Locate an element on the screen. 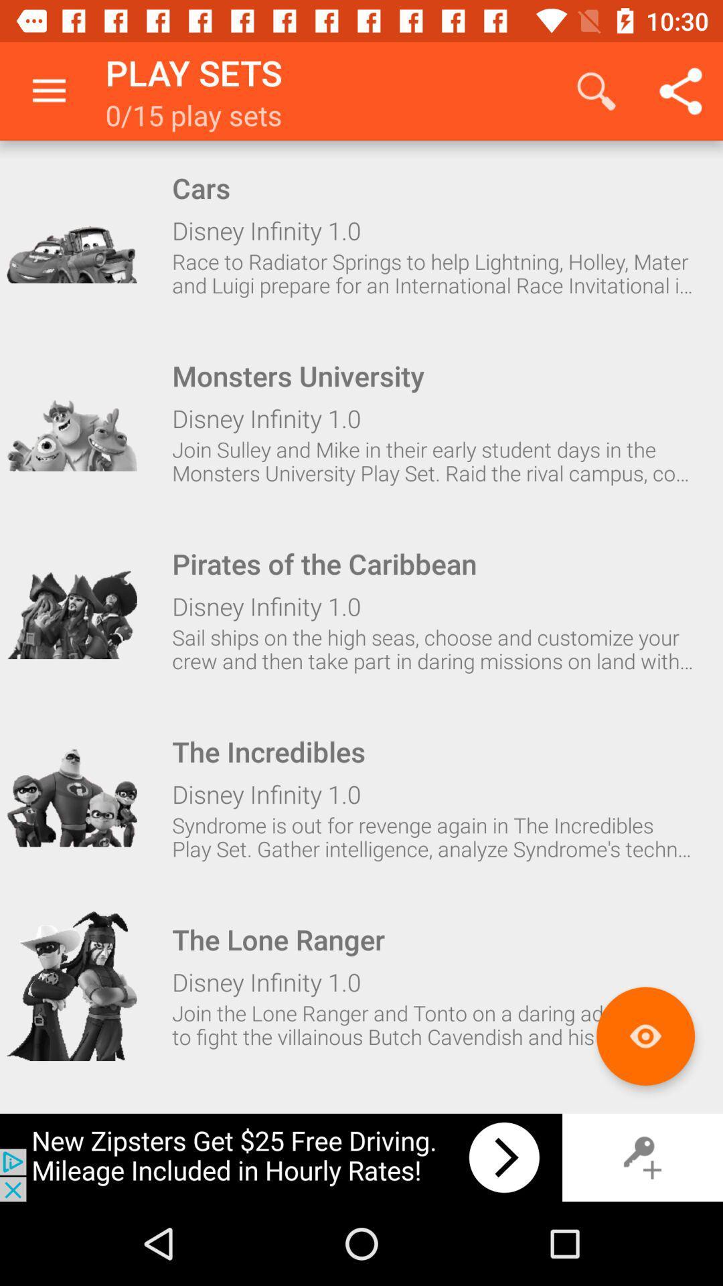 The image size is (723, 1286). open mail is located at coordinates (72, 986).